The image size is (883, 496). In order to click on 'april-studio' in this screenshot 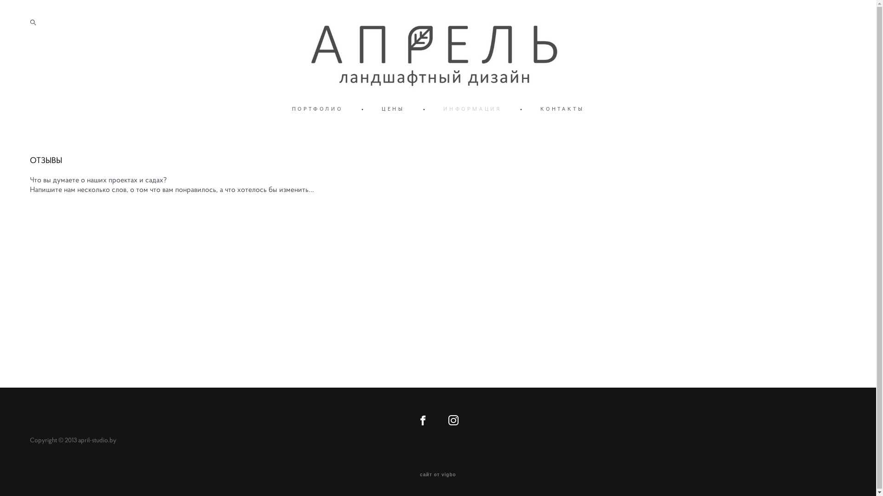, I will do `click(437, 54)`.